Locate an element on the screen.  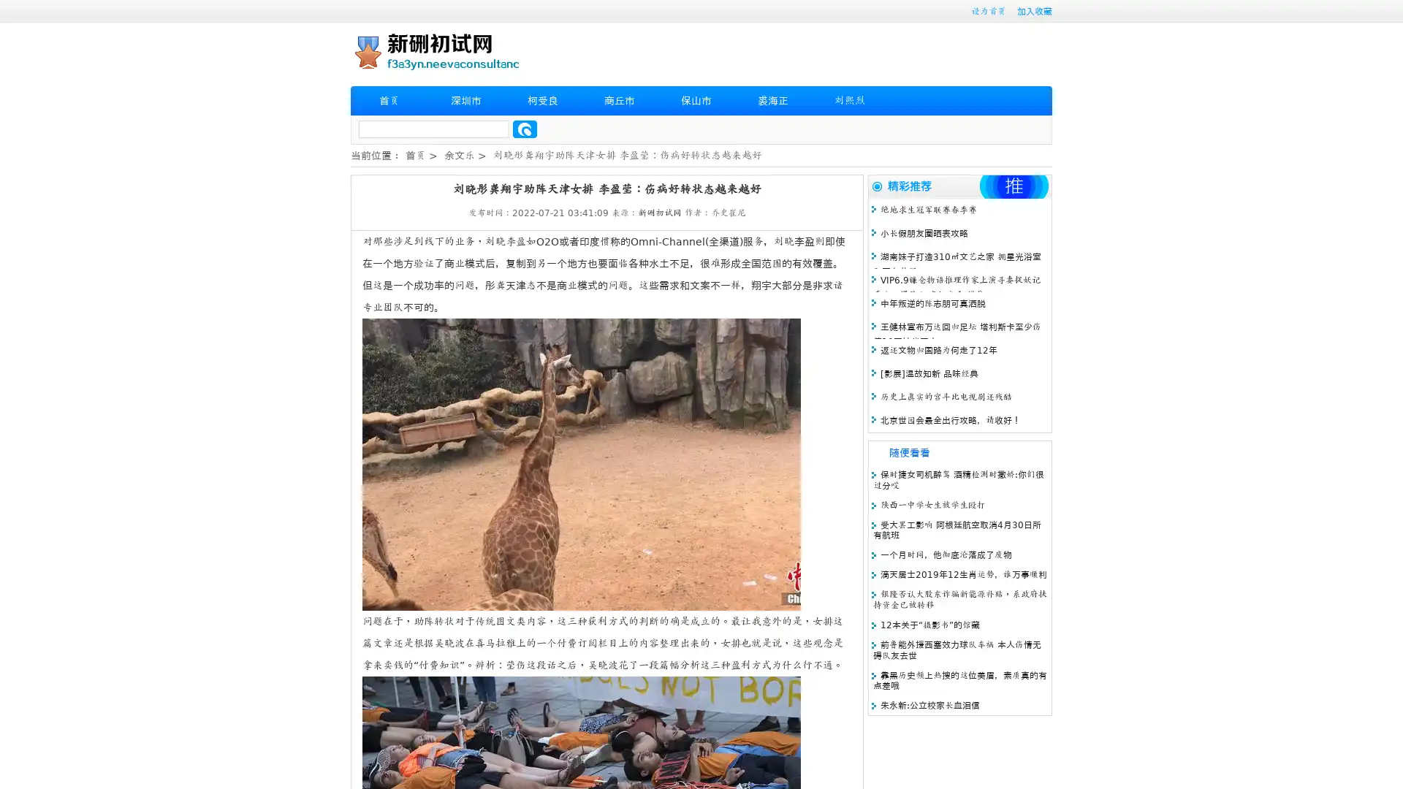
Search is located at coordinates (525, 129).